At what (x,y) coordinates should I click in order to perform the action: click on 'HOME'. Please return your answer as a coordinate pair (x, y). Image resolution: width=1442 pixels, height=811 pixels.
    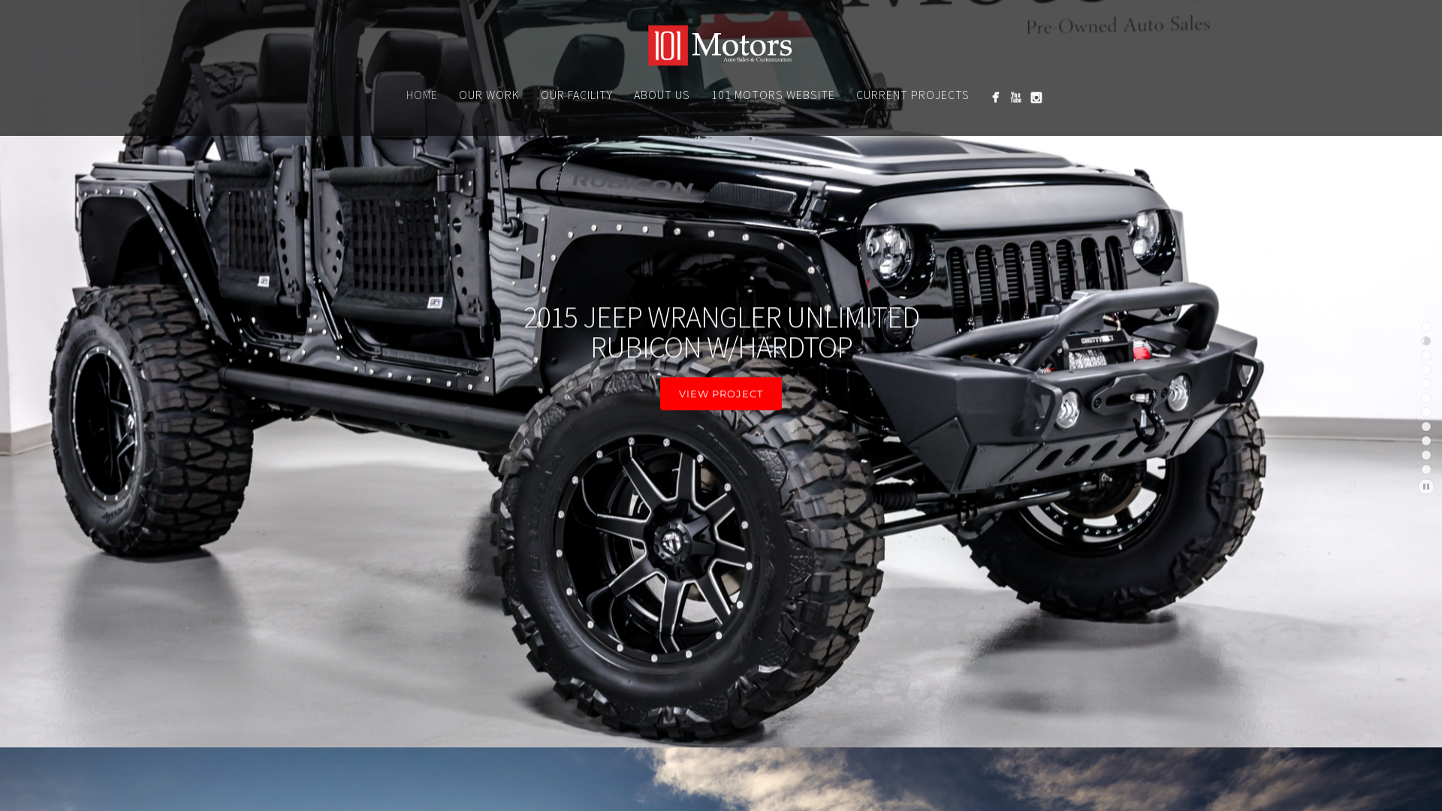
    Looking at the image, I should click on (421, 95).